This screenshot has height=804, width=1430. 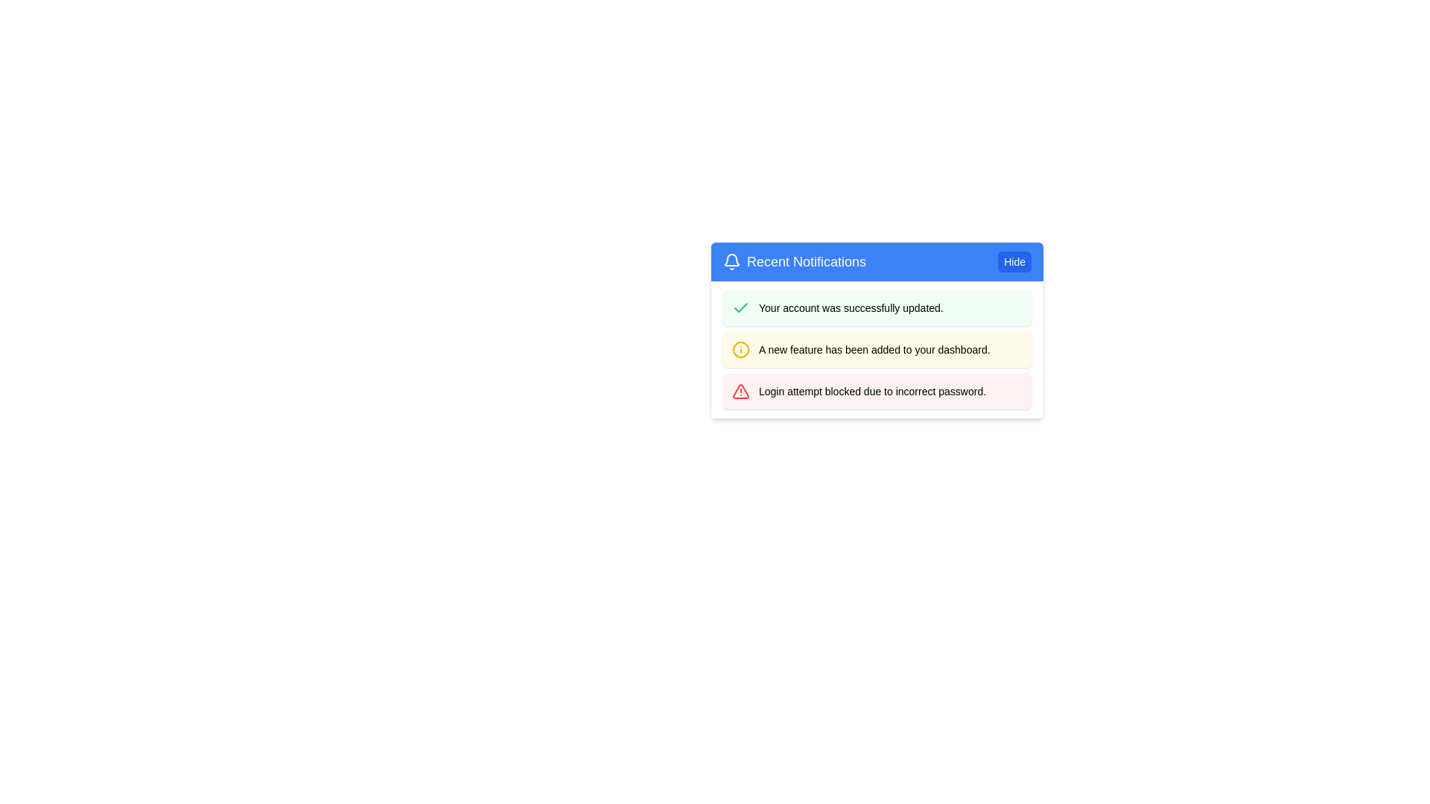 What do you see at coordinates (1014, 261) in the screenshot?
I see `the blue button labeled 'Hide' located` at bounding box center [1014, 261].